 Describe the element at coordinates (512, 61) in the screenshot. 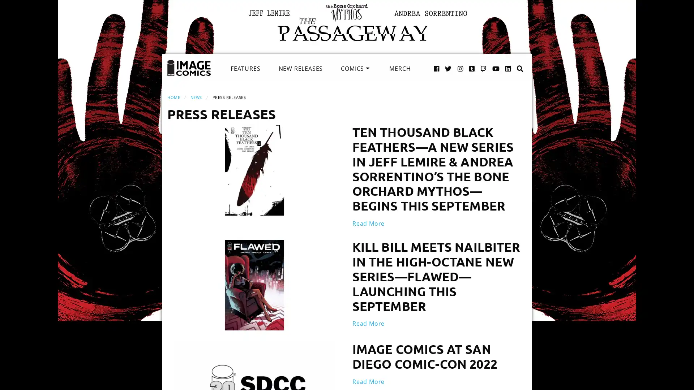

I see `Search` at that location.